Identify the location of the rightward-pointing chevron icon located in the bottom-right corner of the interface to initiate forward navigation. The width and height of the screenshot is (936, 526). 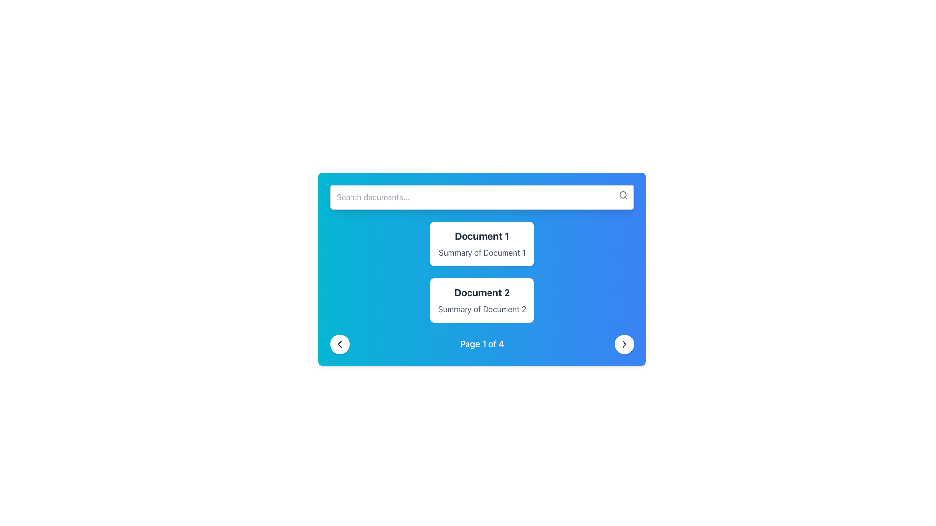
(624, 343).